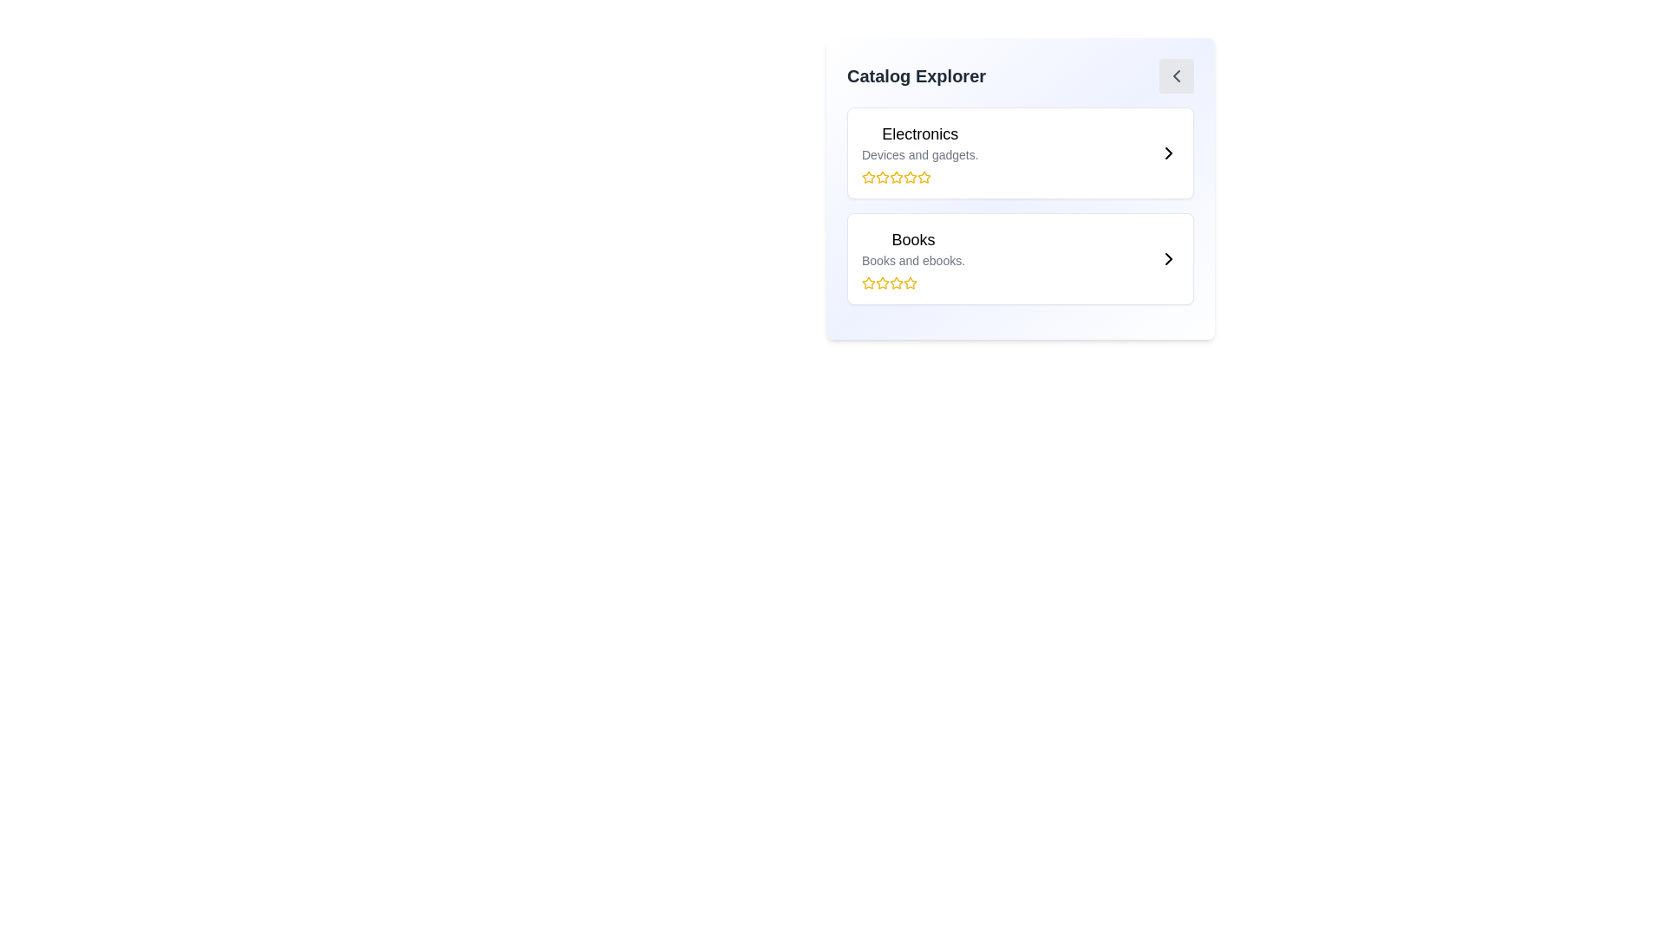  What do you see at coordinates (869, 283) in the screenshot?
I see `the first rating star icon in the 'Books' section below the text 'Books and ebooks'` at bounding box center [869, 283].